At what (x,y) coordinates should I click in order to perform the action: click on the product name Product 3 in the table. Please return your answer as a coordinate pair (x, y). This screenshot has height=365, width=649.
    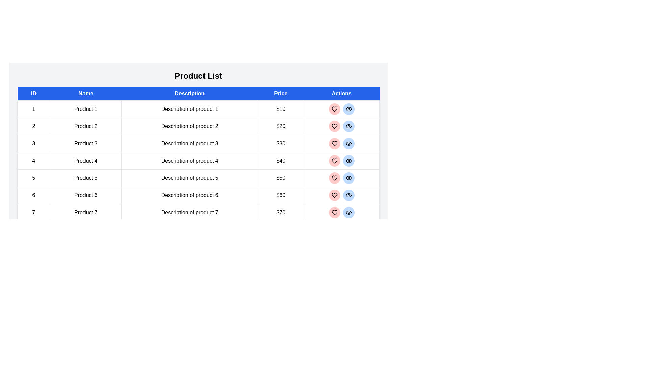
    Looking at the image, I should click on (86, 143).